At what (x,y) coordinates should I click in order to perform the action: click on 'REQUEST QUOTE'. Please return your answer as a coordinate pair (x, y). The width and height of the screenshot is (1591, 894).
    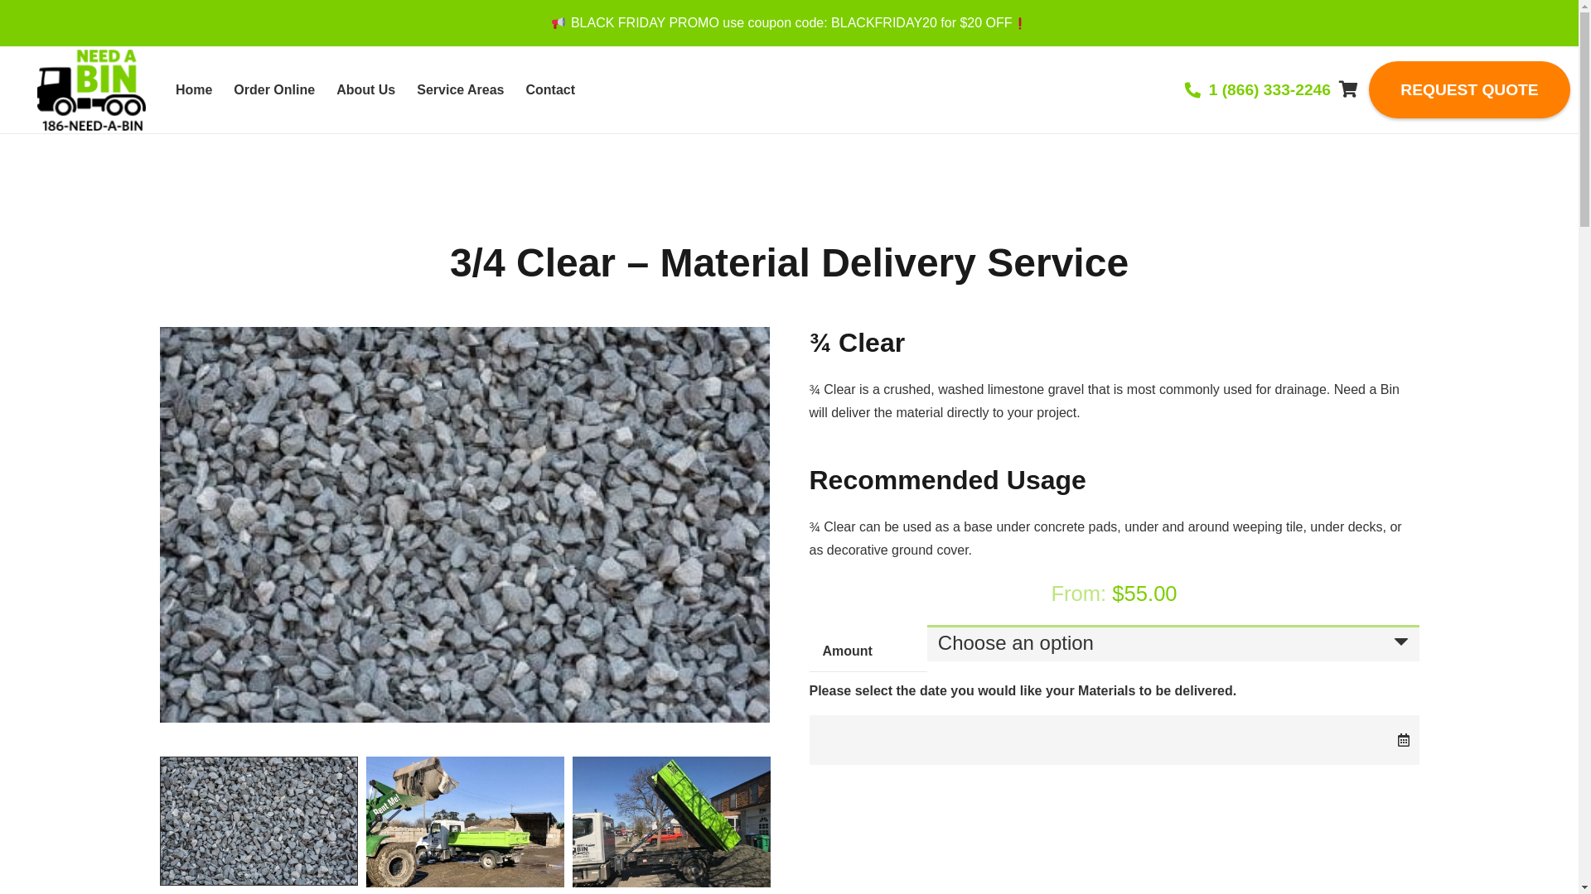
    Looking at the image, I should click on (1469, 89).